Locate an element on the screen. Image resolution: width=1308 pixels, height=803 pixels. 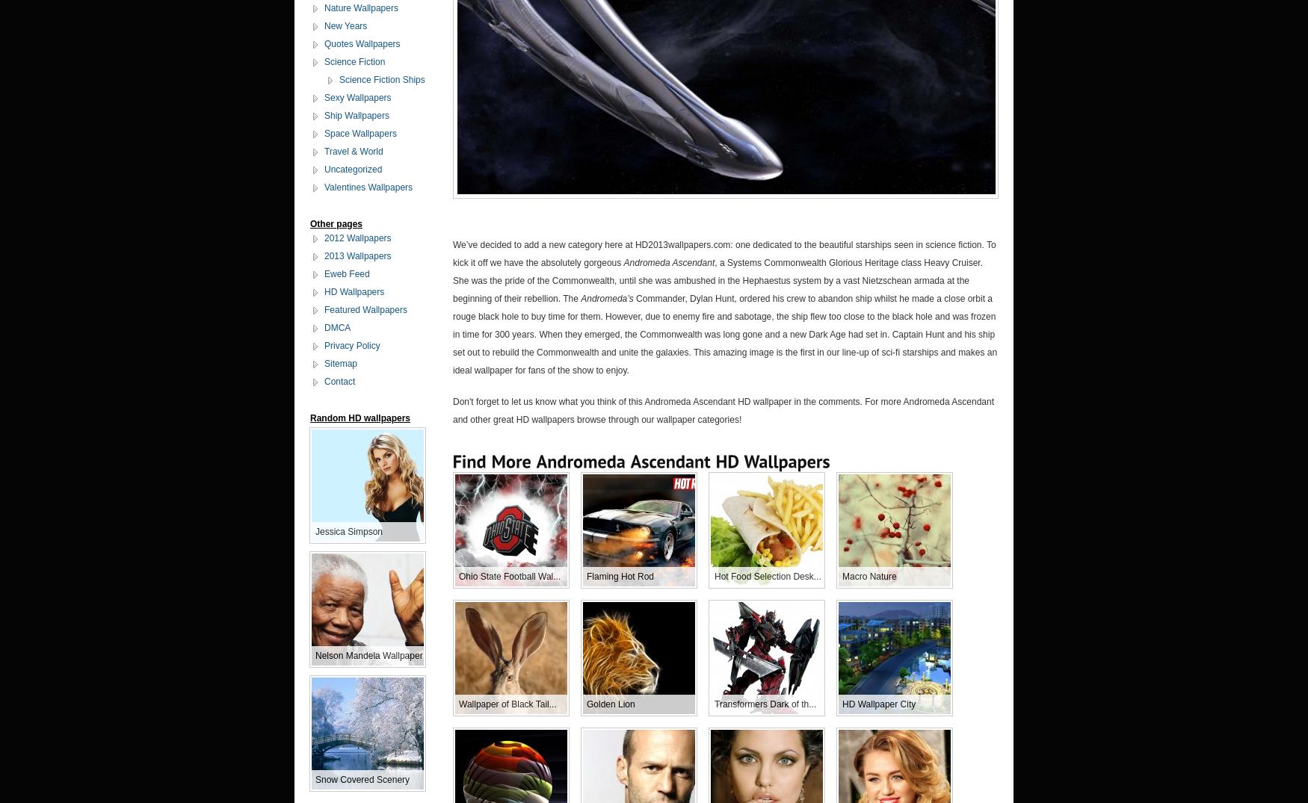
'Don't forget to let us know what you think of this Andromeda Ascendant HD wallpaper in the comments. For more Andromeda Ascendant and other great HD wallpapers browse through our wallpaper categories!' is located at coordinates (723, 410).